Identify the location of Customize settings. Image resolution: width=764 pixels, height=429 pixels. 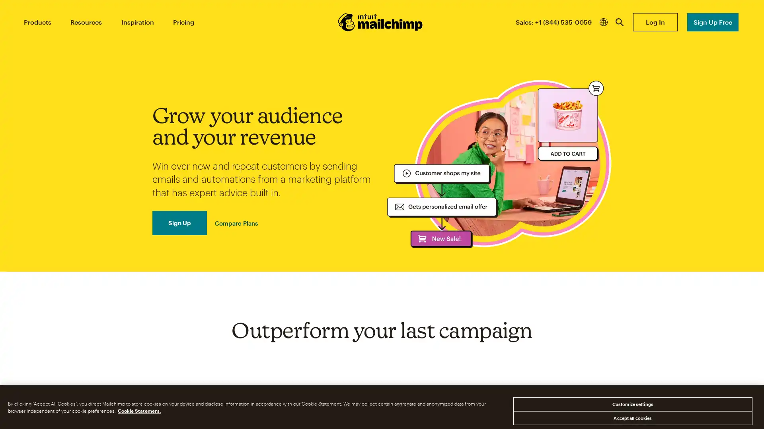
(632, 404).